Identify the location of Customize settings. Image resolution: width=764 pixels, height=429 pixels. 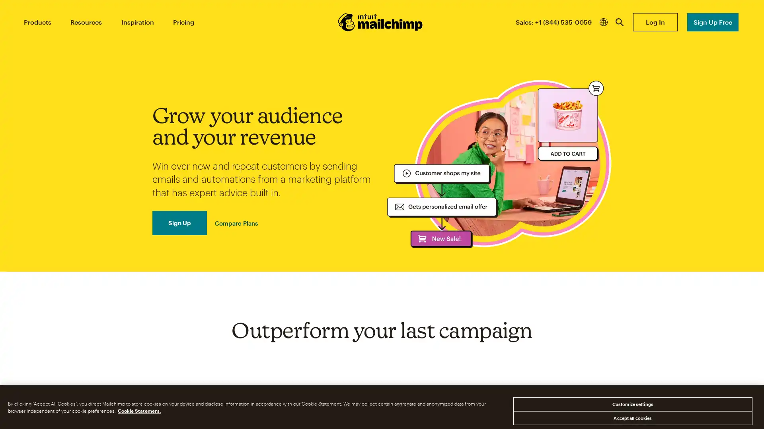
(632, 404).